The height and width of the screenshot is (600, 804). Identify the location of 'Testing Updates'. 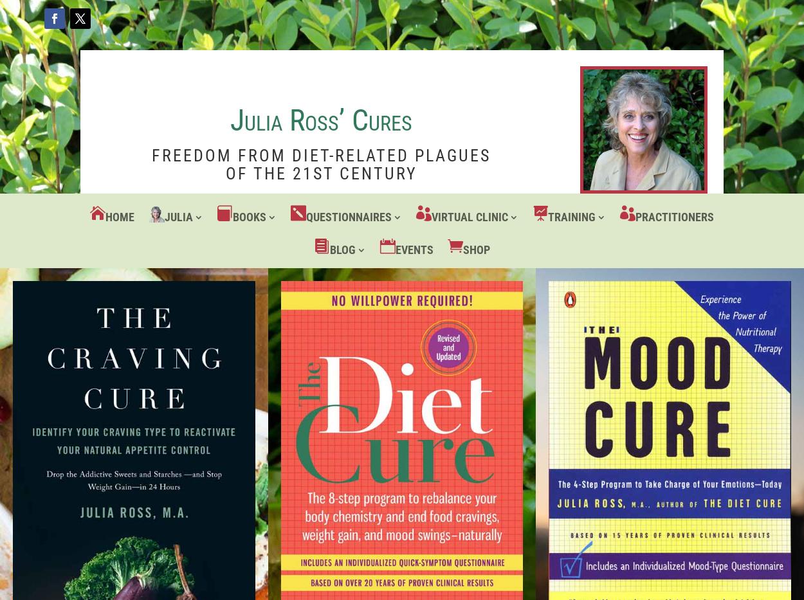
(376, 419).